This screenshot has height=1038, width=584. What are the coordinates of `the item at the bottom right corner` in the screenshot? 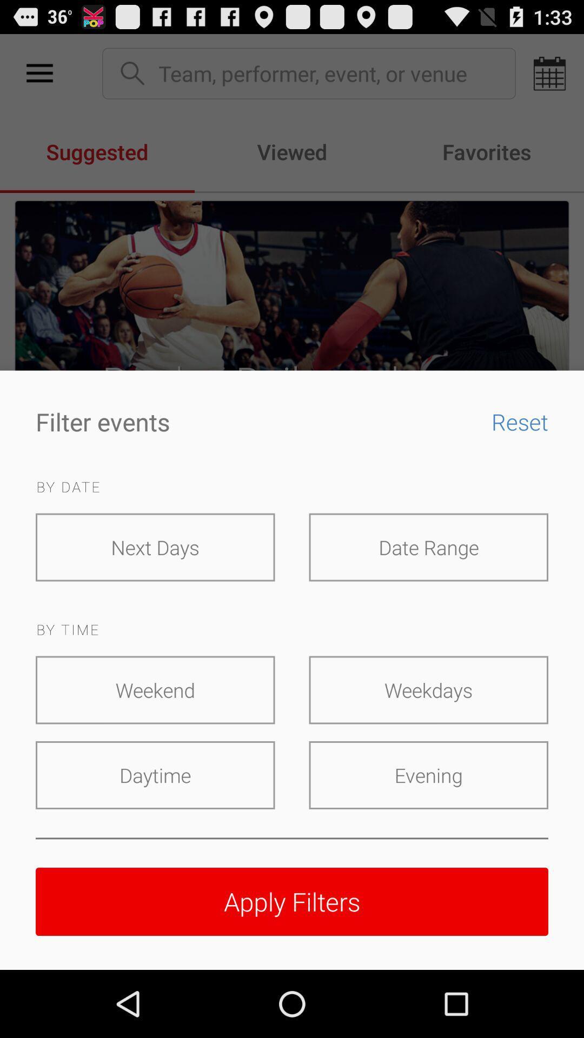 It's located at (428, 775).